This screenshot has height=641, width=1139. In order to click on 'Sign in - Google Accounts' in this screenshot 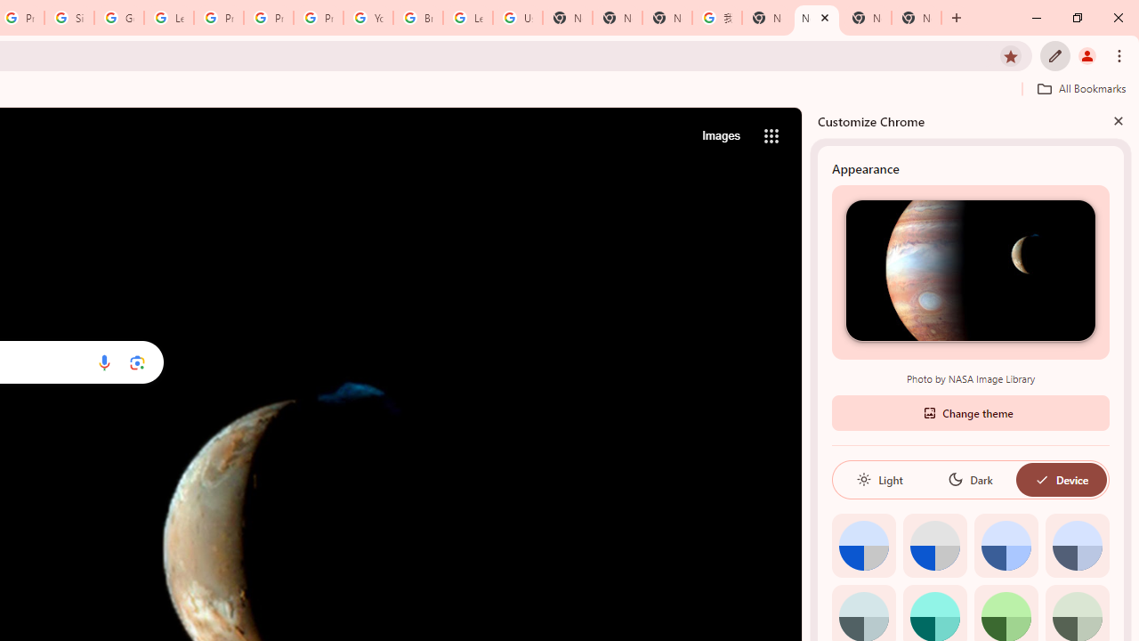, I will do `click(69, 18)`.